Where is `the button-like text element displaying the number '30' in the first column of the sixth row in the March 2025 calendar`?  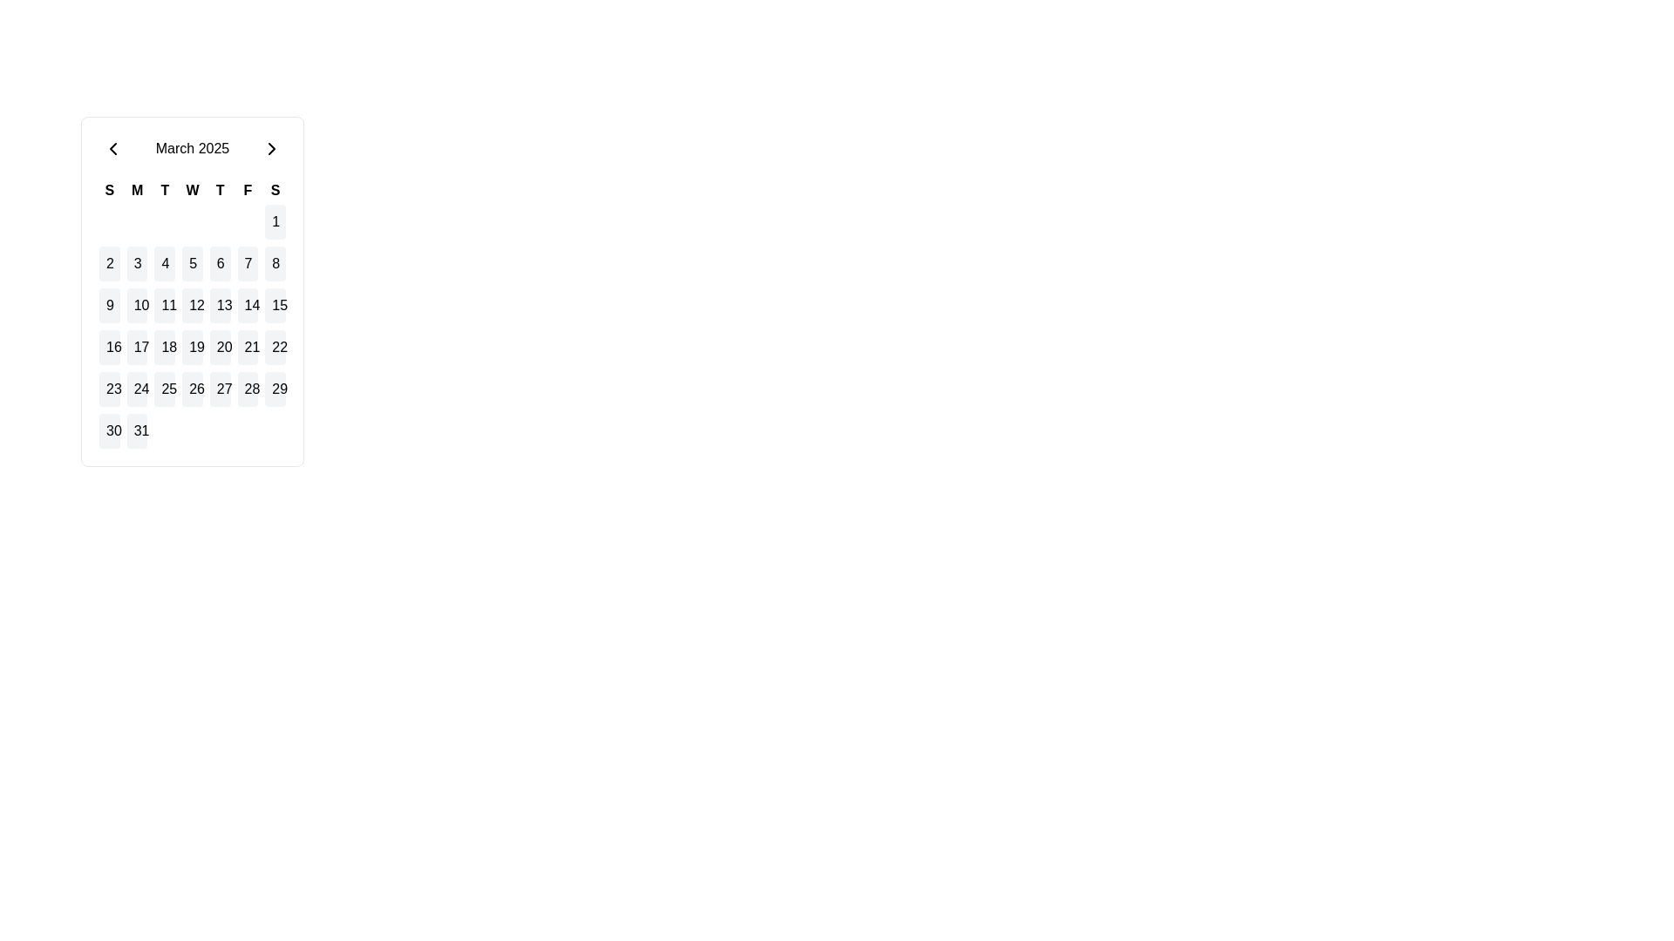
the button-like text element displaying the number '30' in the first column of the sixth row in the March 2025 calendar is located at coordinates (108, 430).